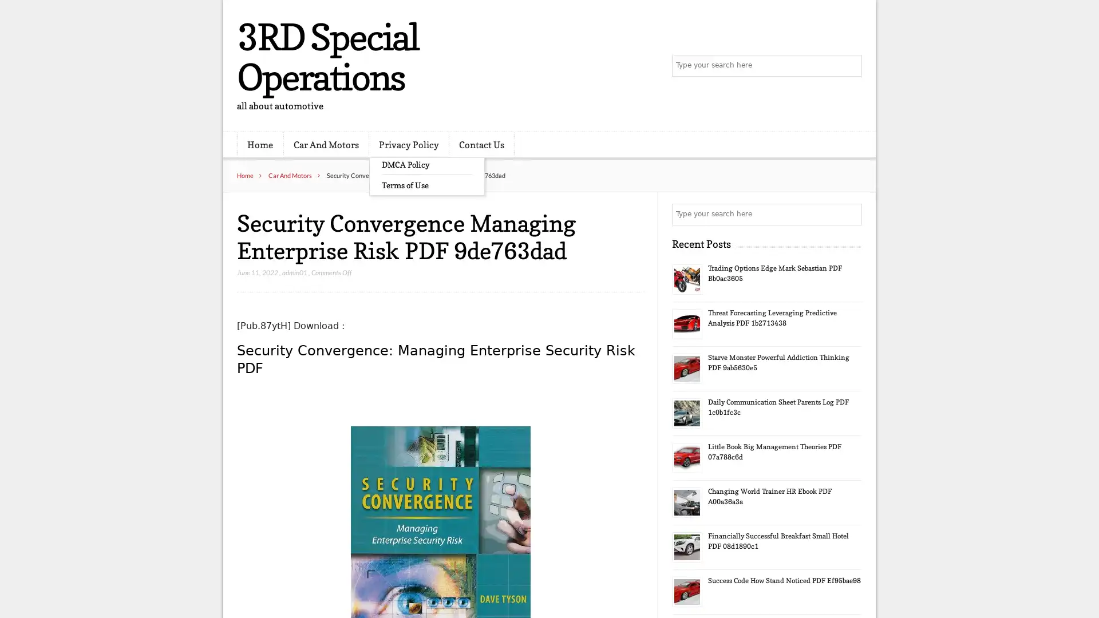  I want to click on Search, so click(850, 66).